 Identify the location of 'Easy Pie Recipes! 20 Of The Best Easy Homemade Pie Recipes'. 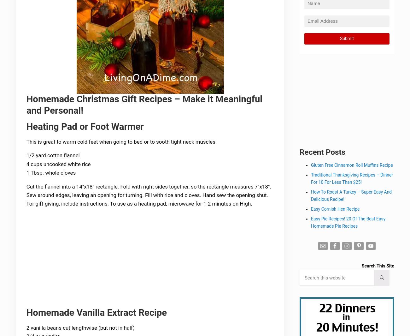
(348, 223).